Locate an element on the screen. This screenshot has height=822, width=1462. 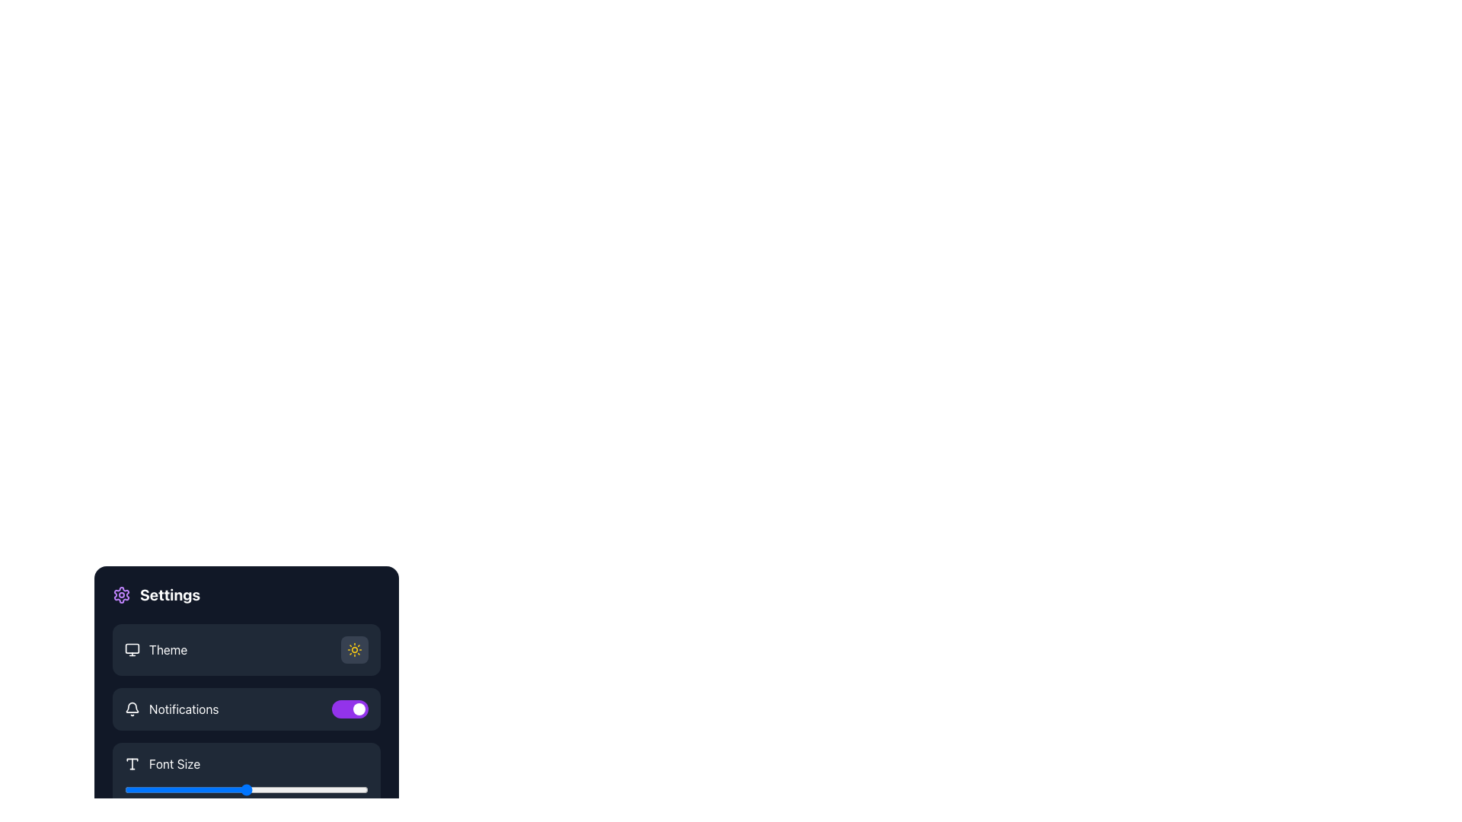
the gear icon with a purple hue located on the far left of the header section labeled 'Settings' is located at coordinates (120, 594).